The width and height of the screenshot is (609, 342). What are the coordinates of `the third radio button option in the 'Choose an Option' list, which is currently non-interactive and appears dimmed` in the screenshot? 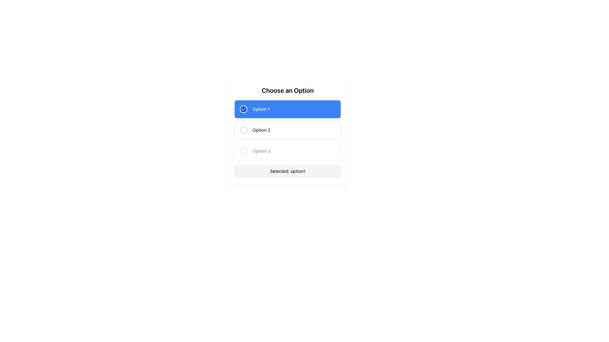 It's located at (287, 151).